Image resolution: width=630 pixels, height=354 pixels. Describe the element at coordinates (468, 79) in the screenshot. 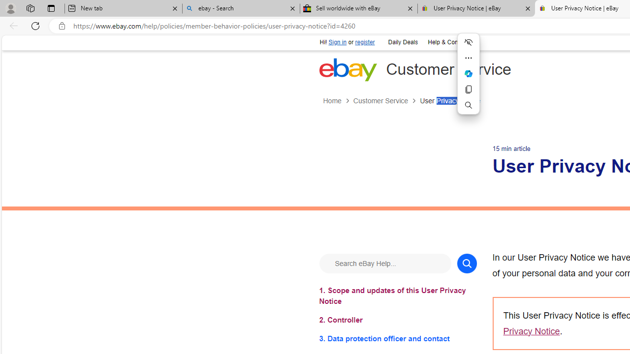

I see `'Mini menu on text selection'` at that location.